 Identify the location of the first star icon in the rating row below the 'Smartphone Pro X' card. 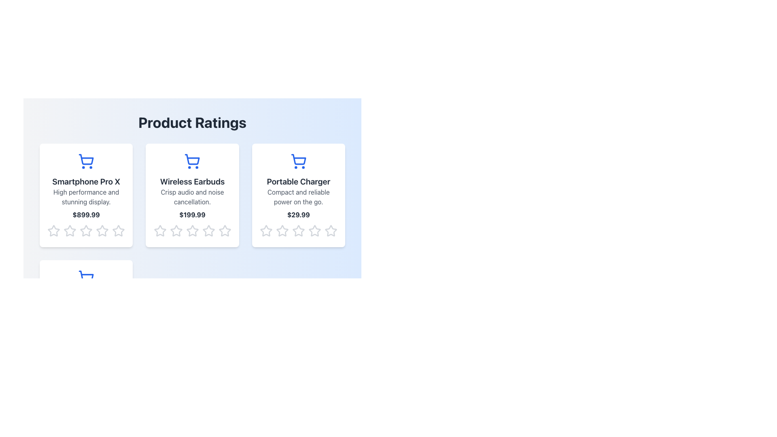
(86, 231).